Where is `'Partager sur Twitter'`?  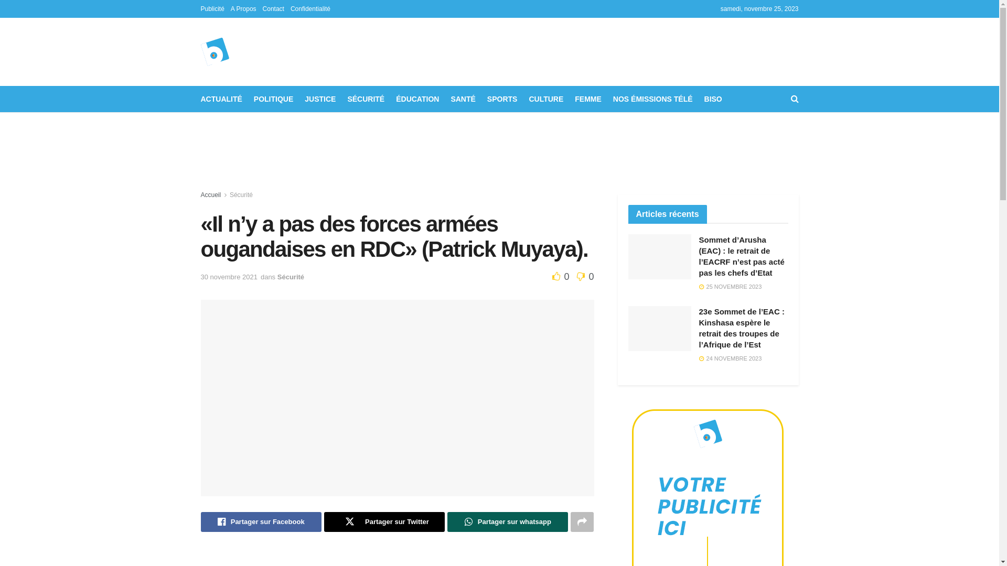
'Partager sur Twitter' is located at coordinates (384, 521).